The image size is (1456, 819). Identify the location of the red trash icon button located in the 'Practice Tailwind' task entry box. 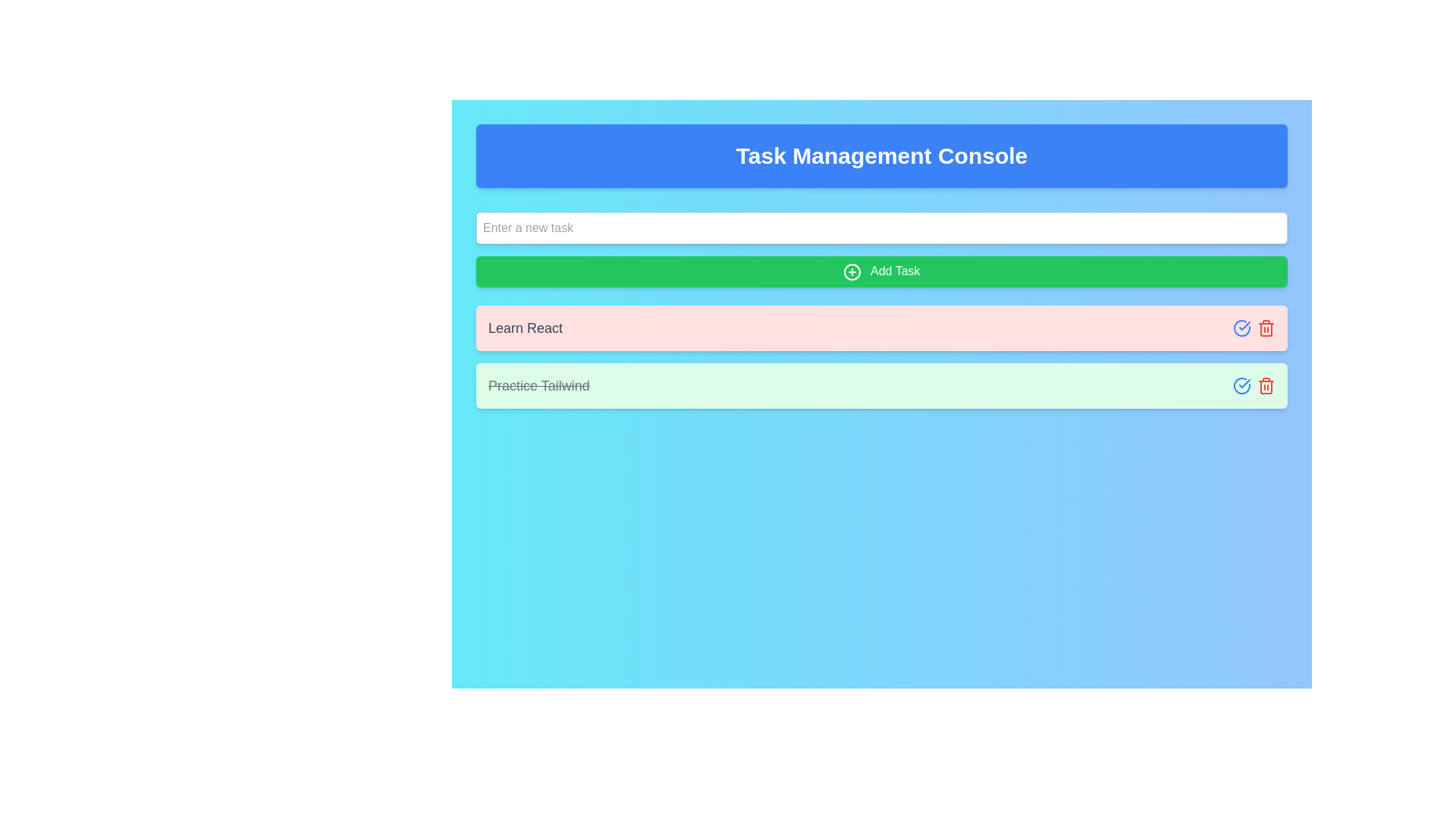
(1266, 384).